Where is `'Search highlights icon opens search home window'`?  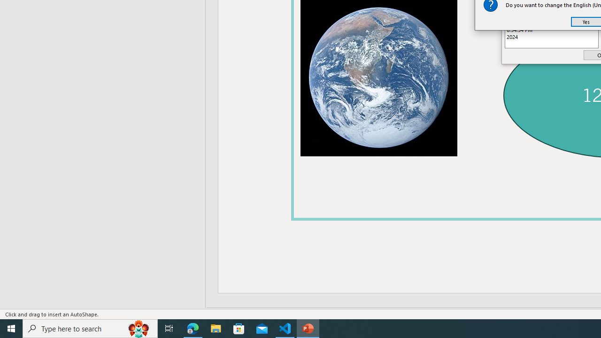
'Search highlights icon opens search home window' is located at coordinates (138, 328).